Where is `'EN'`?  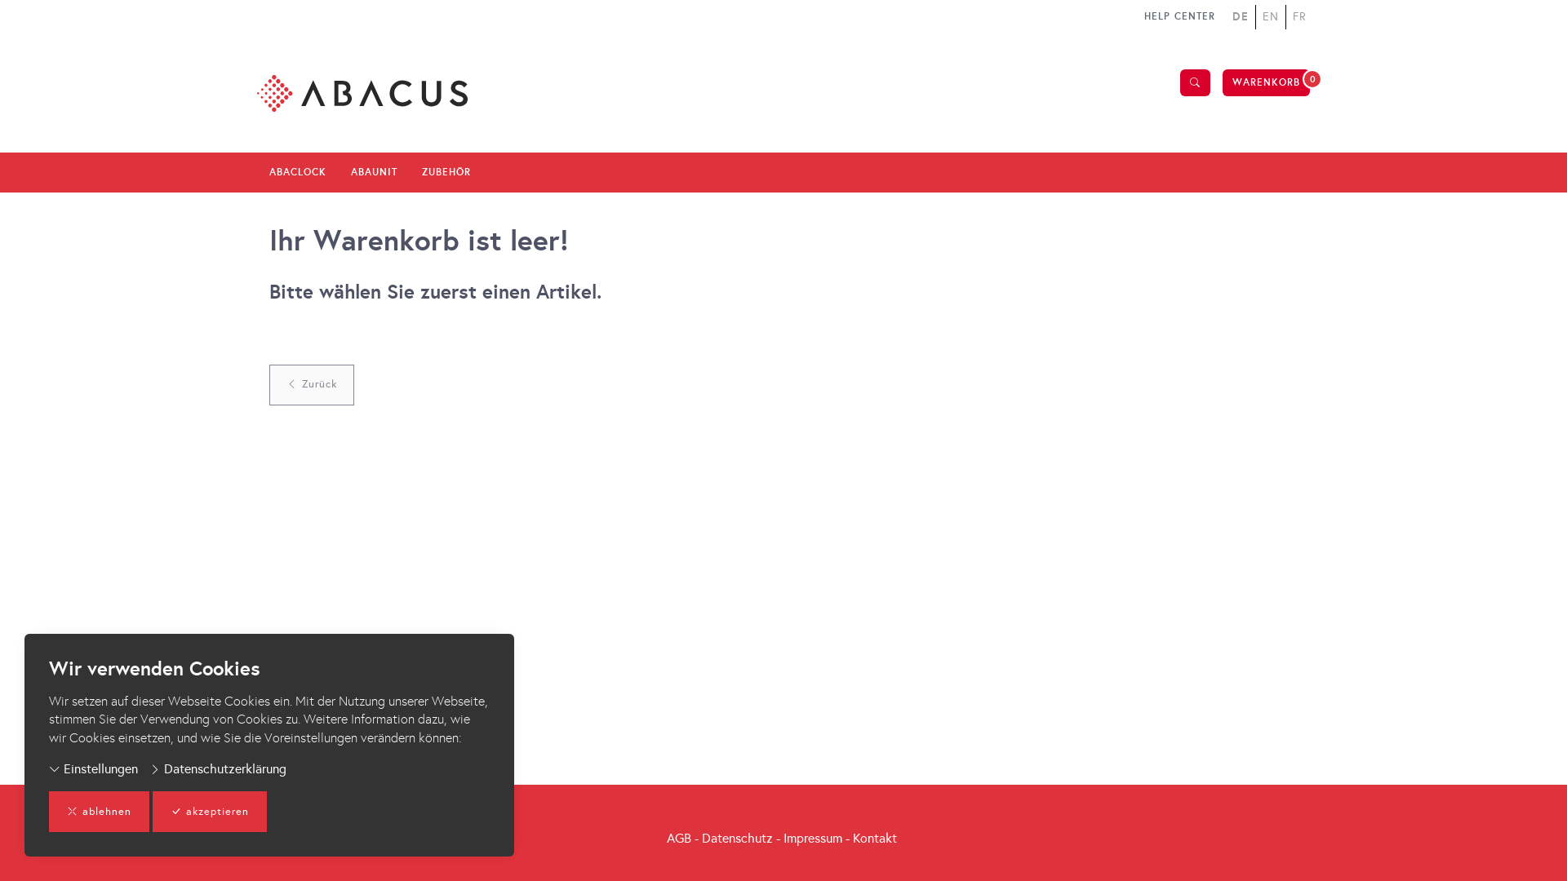 'EN' is located at coordinates (1267, 16).